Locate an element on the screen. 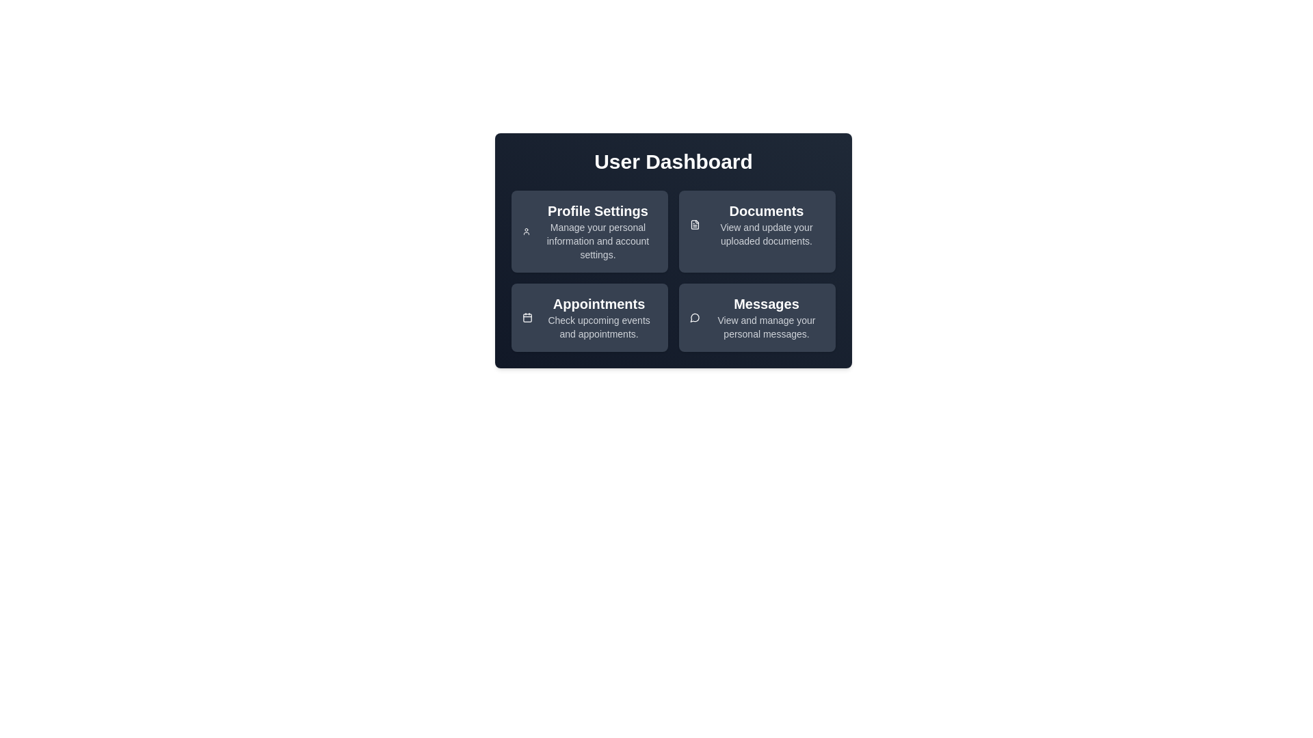 The width and height of the screenshot is (1313, 738). the 'User Dashboard' heading for accessibility testing is located at coordinates (673, 161).